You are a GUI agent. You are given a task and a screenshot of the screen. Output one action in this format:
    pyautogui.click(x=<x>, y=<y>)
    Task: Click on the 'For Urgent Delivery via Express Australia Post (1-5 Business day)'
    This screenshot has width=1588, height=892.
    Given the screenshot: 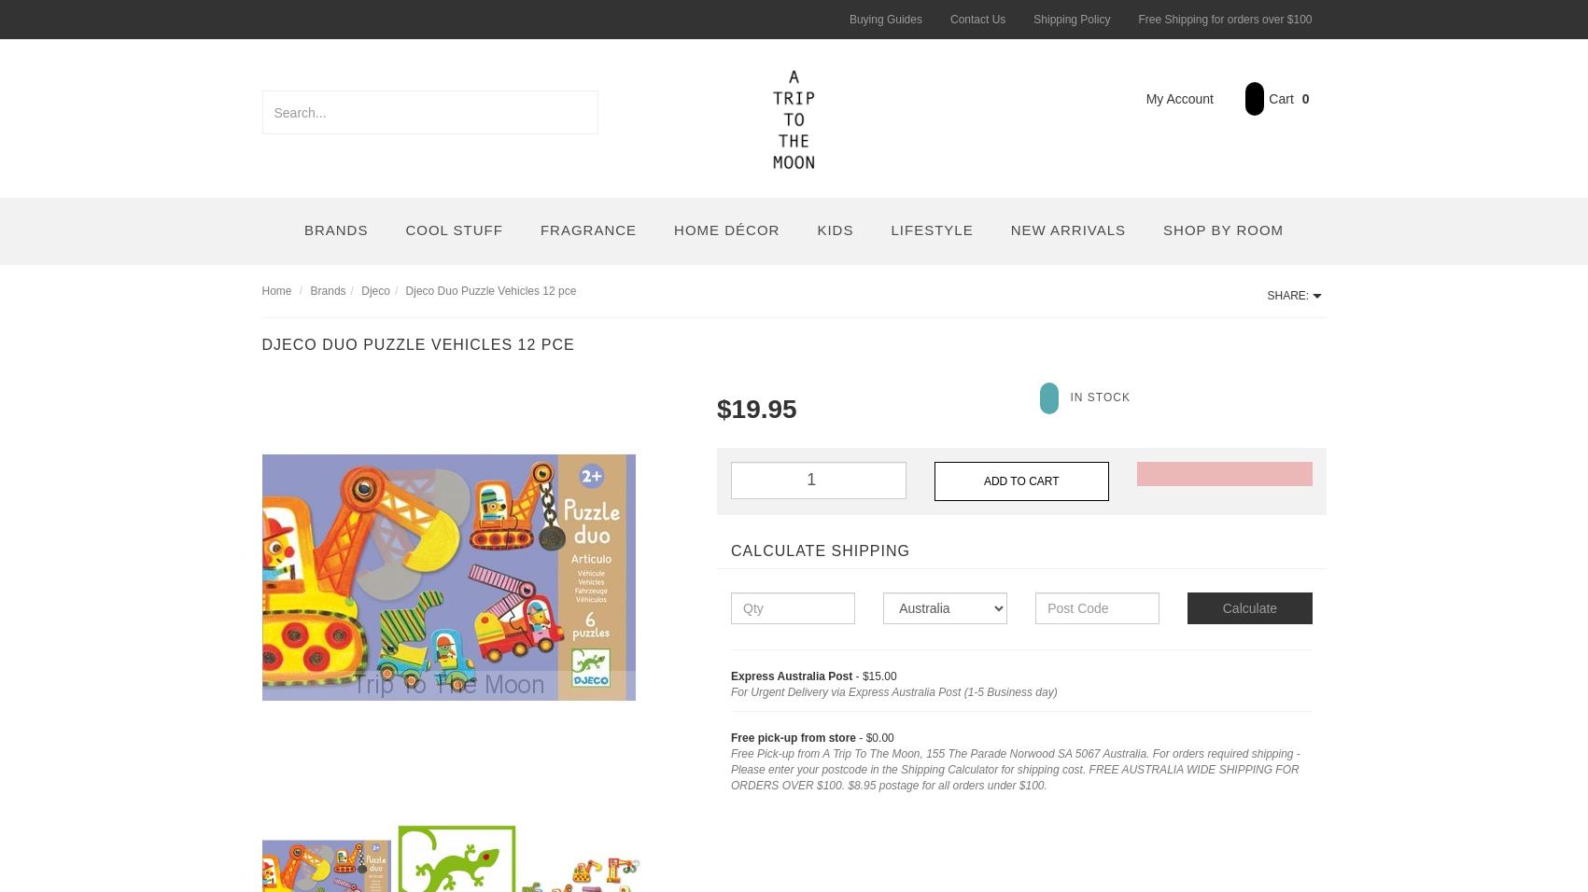 What is the action you would take?
    pyautogui.click(x=892, y=691)
    